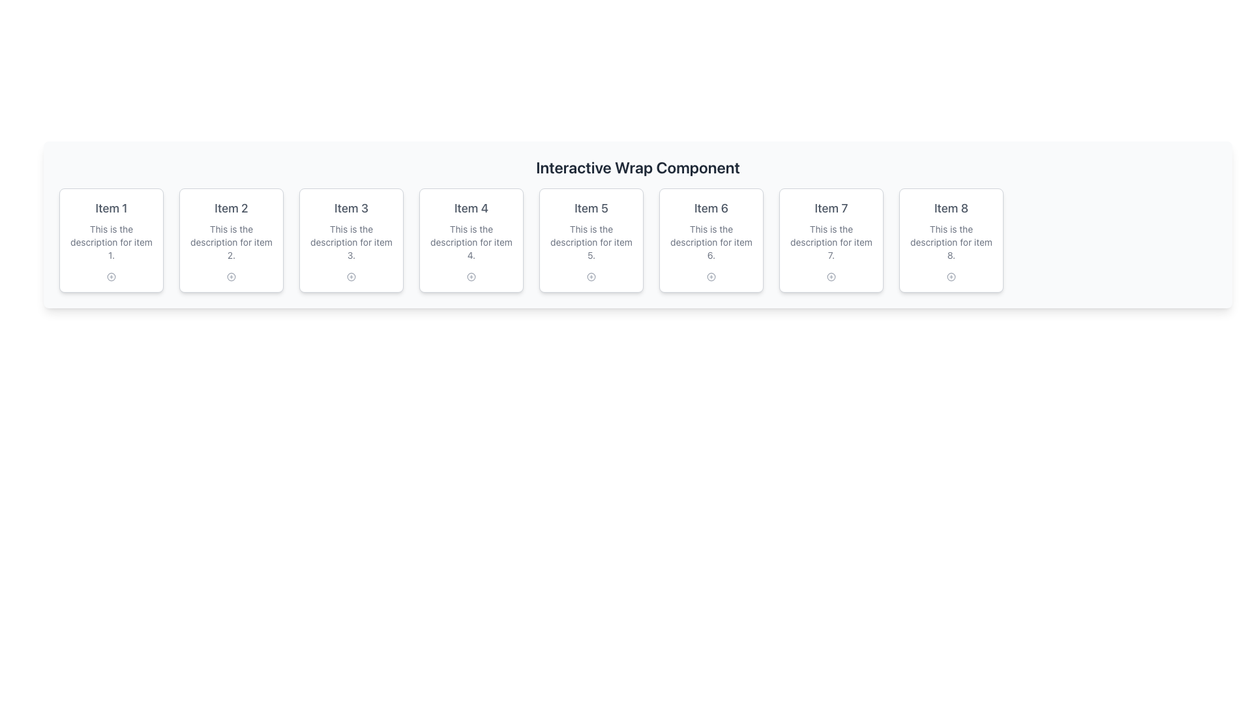 The width and height of the screenshot is (1252, 704). Describe the element at coordinates (231, 208) in the screenshot. I see `text label displaying 'Item 2', which is located at the top-center position of the card in a horizontal lineup of similar cards` at that location.